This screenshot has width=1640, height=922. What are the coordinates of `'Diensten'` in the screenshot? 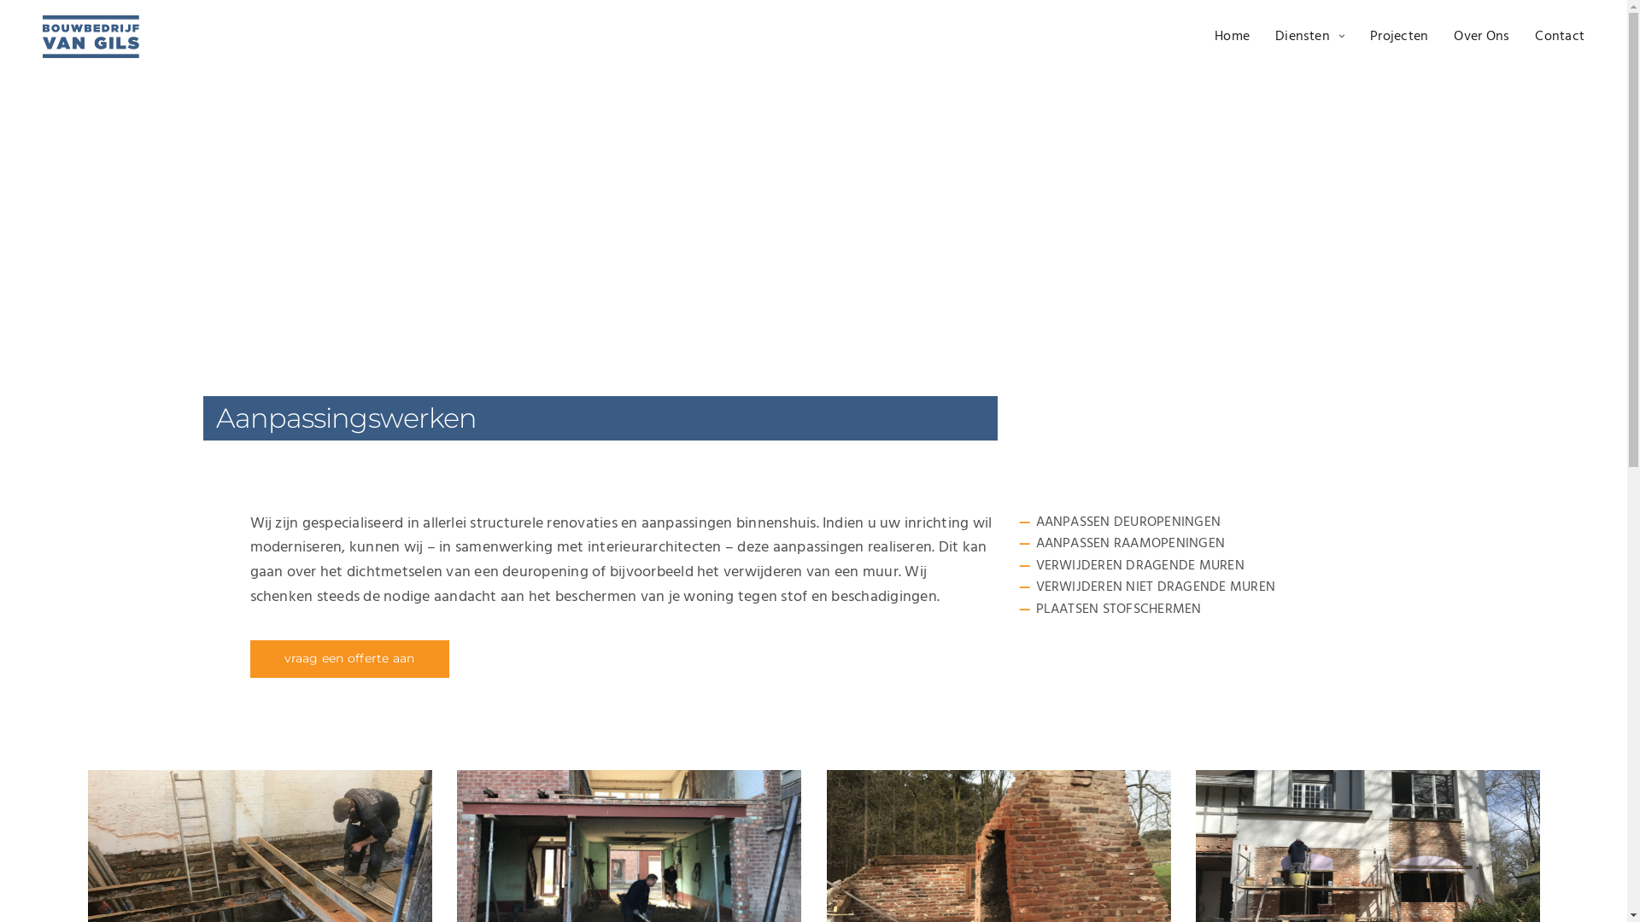 It's located at (1309, 36).